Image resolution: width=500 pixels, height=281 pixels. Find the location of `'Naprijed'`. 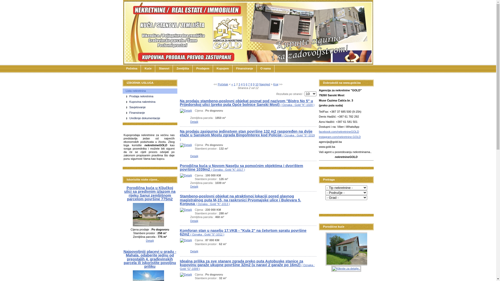

'Naprijed' is located at coordinates (265, 84).